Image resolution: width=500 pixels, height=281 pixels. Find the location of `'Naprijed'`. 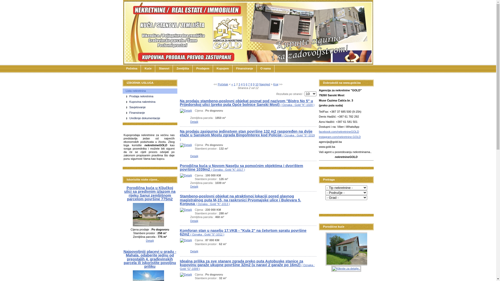

'Naprijed' is located at coordinates (265, 84).